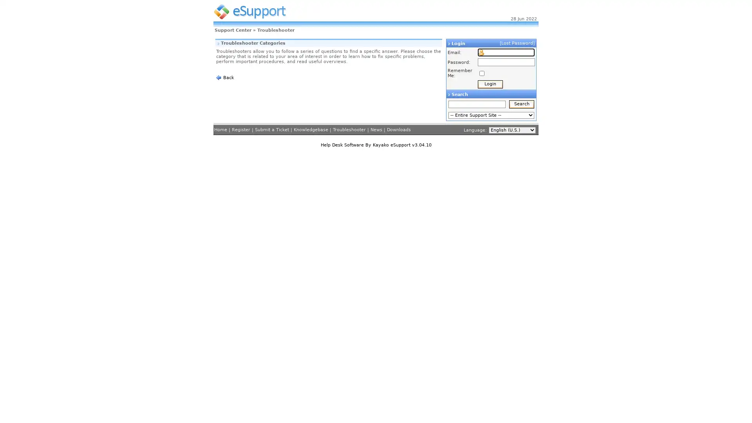 This screenshot has height=423, width=752. Describe the element at coordinates (490, 84) in the screenshot. I see `Login` at that location.